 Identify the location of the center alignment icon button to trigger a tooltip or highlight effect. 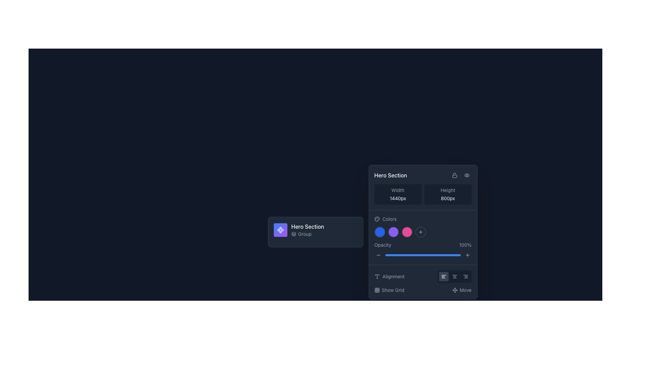
(454, 276).